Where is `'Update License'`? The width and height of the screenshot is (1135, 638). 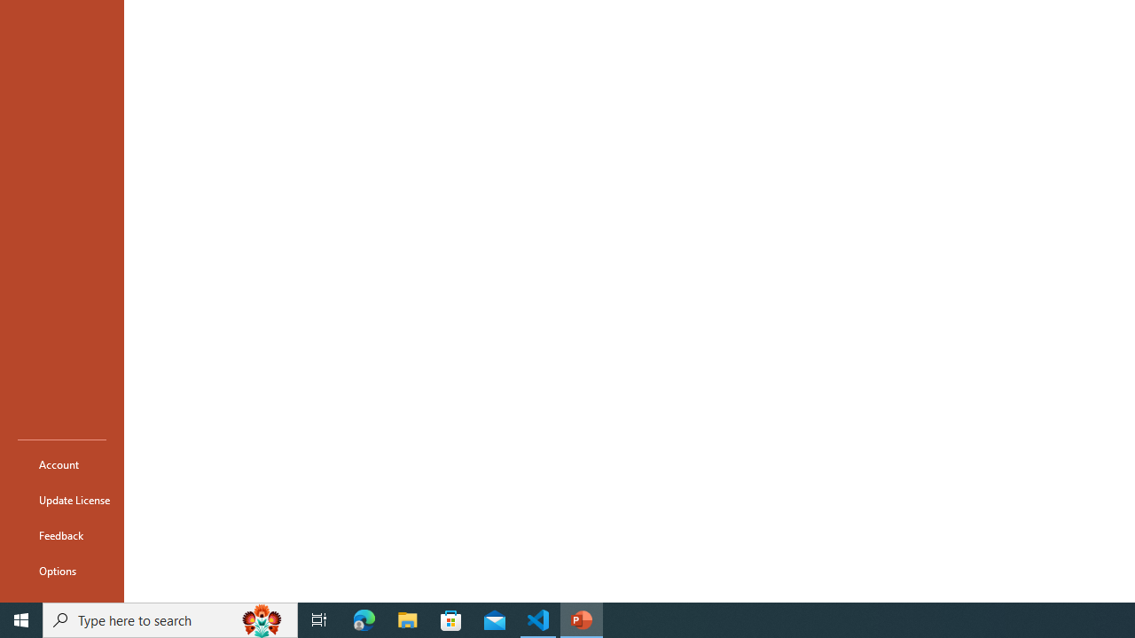
'Update License' is located at coordinates (61, 500).